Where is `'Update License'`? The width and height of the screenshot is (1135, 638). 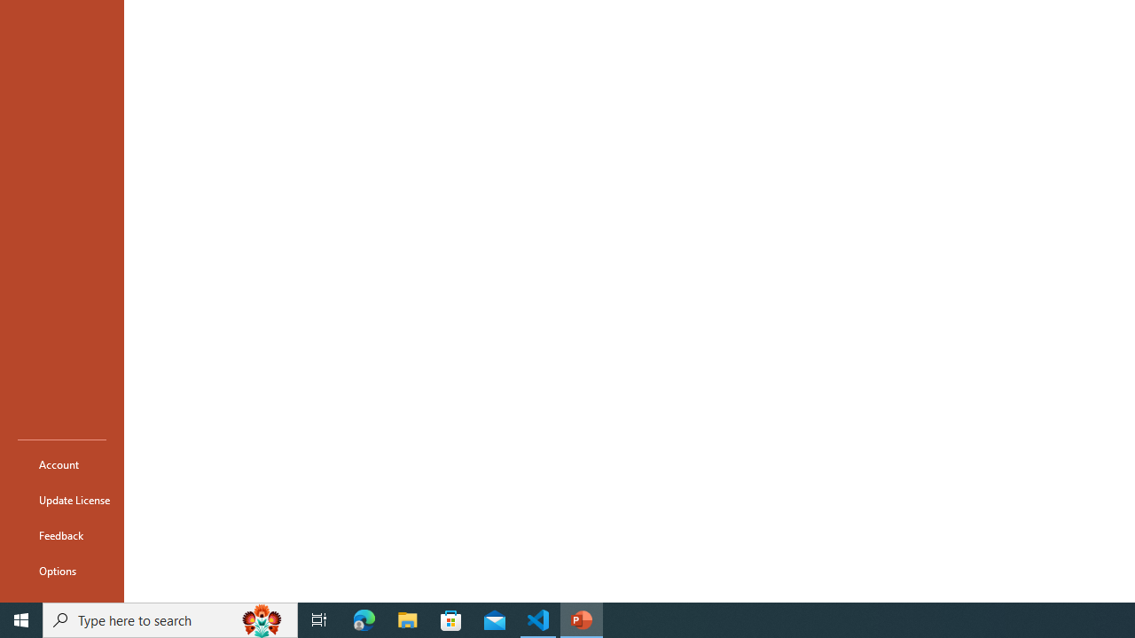
'Update License' is located at coordinates (61, 500).